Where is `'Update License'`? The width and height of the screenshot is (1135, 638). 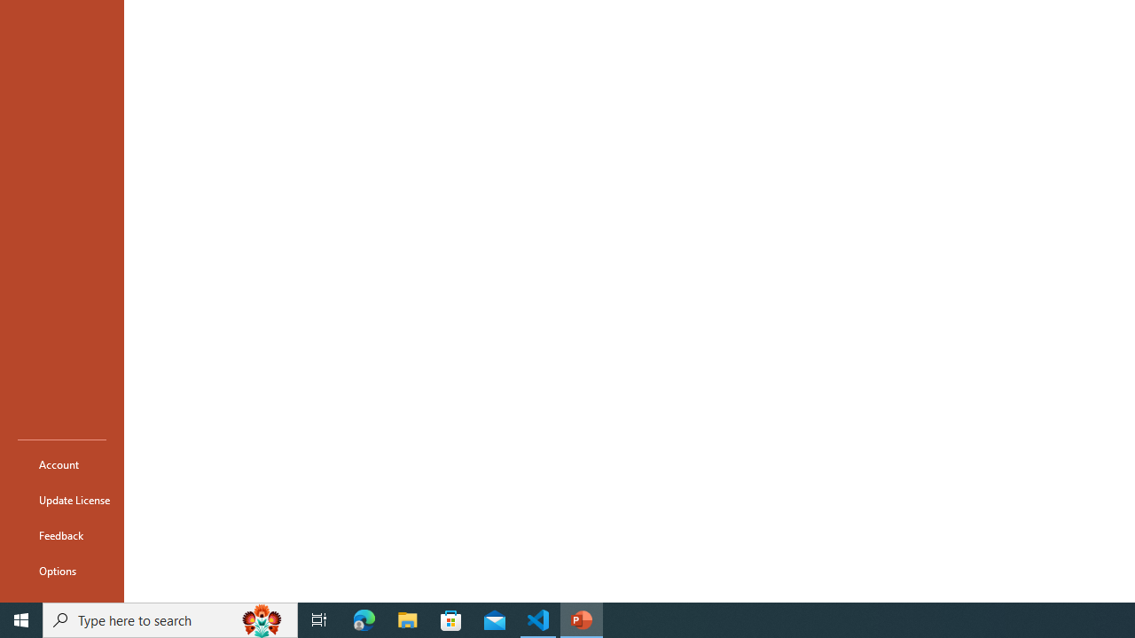
'Update License' is located at coordinates (61, 500).